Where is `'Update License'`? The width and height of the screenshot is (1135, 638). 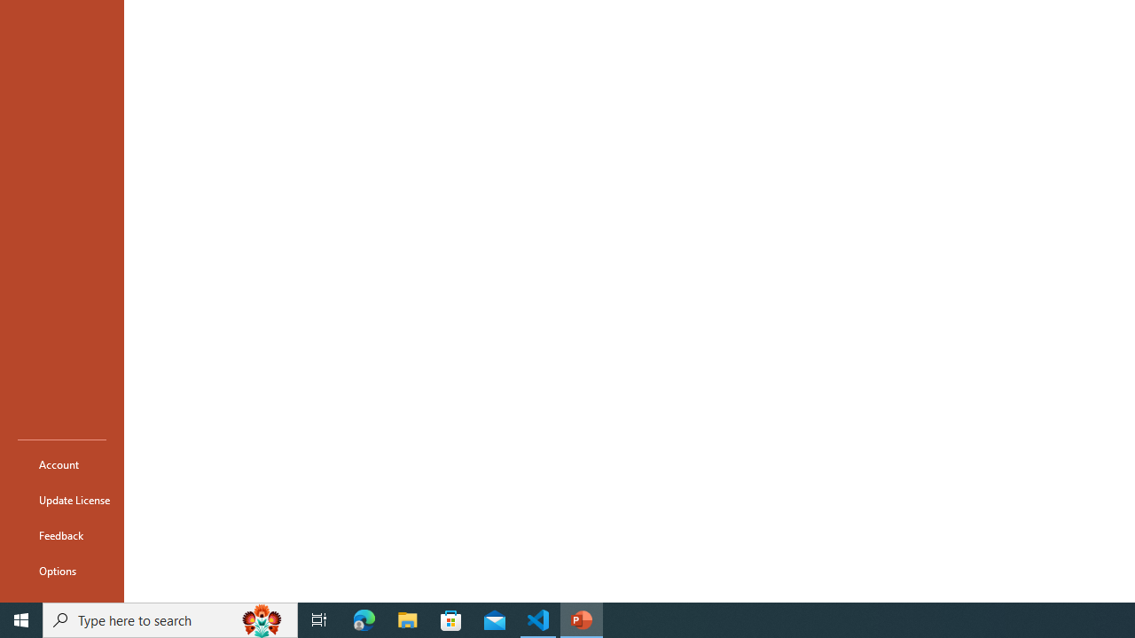
'Update License' is located at coordinates (61, 500).